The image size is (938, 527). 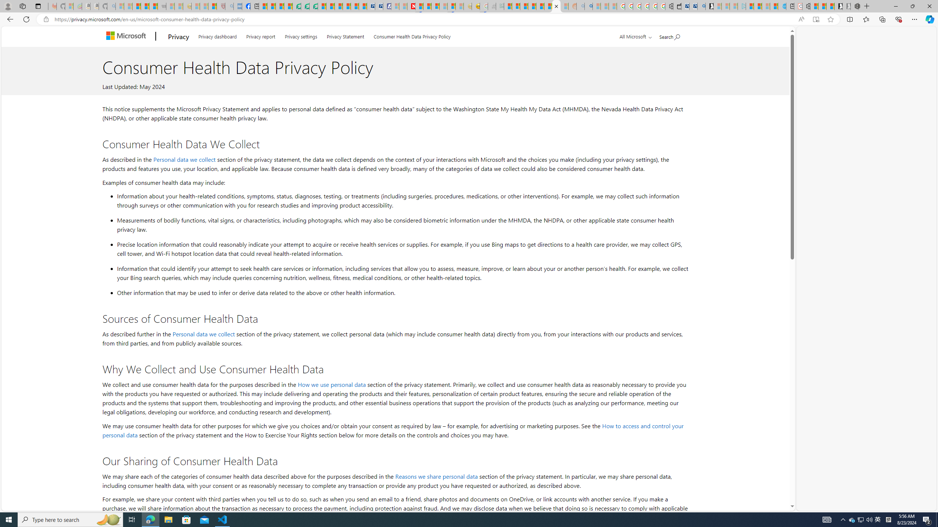 I want to click on 'Wallet', so click(x=677, y=6).